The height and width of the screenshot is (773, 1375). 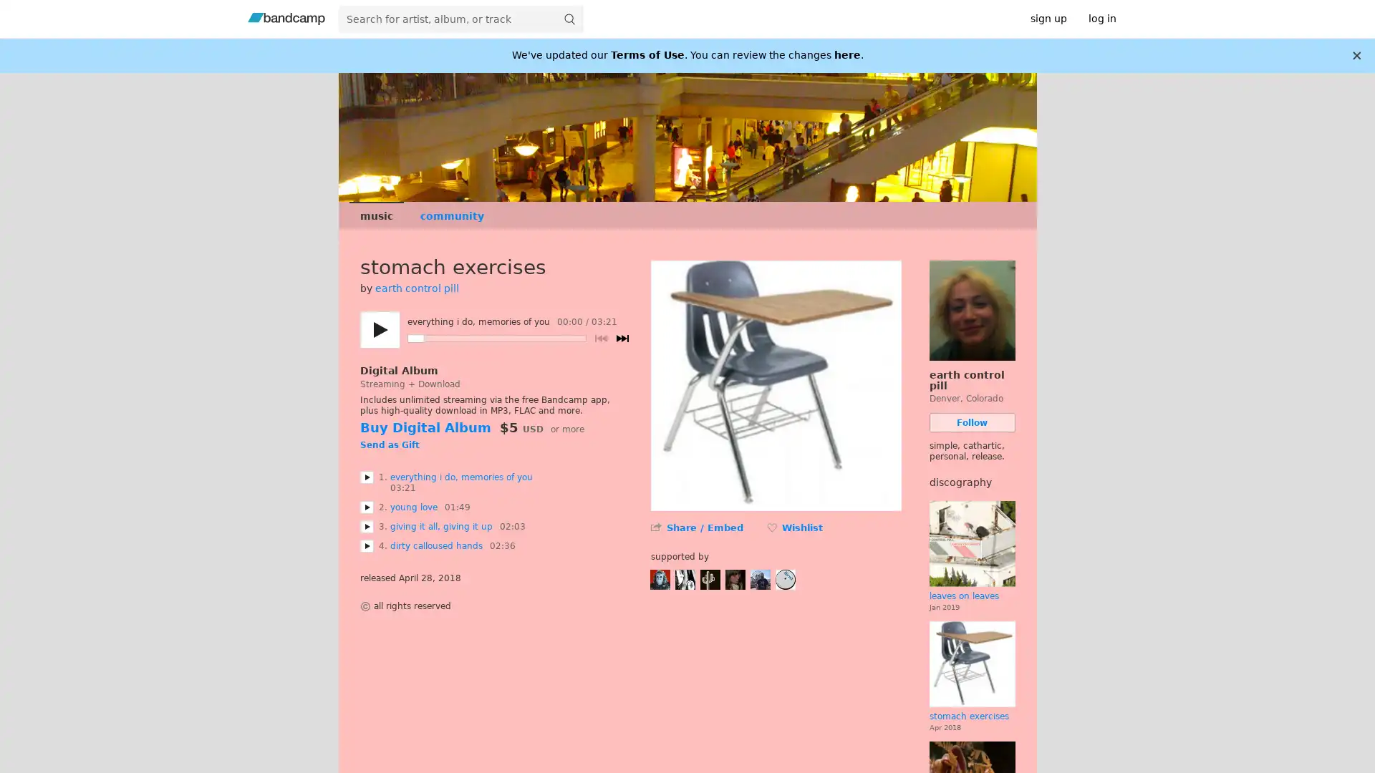 I want to click on Play/pause, so click(x=379, y=330).